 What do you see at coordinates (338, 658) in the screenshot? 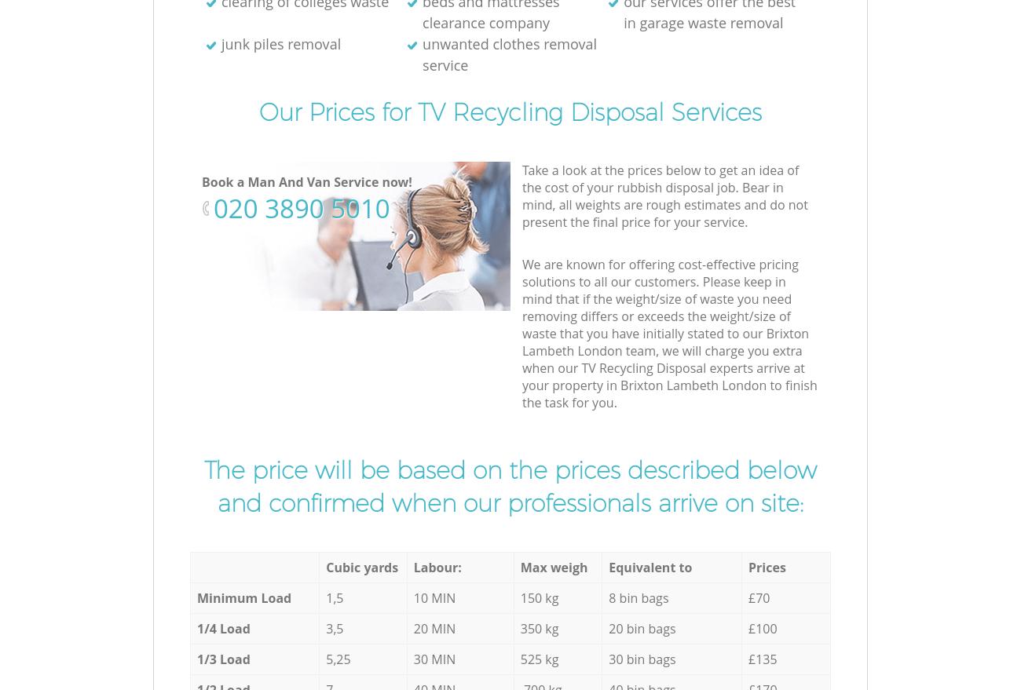
I see `'5,25'` at bounding box center [338, 658].